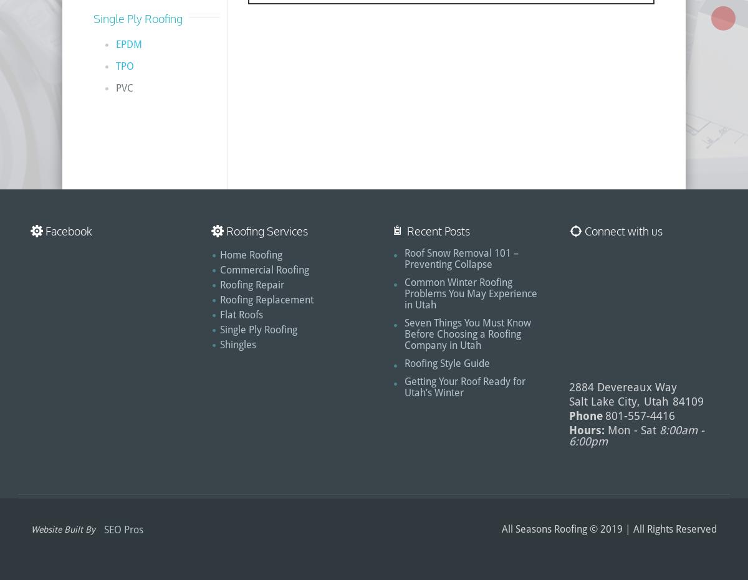 Image resolution: width=748 pixels, height=580 pixels. What do you see at coordinates (264, 269) in the screenshot?
I see `'Commercial Roofing'` at bounding box center [264, 269].